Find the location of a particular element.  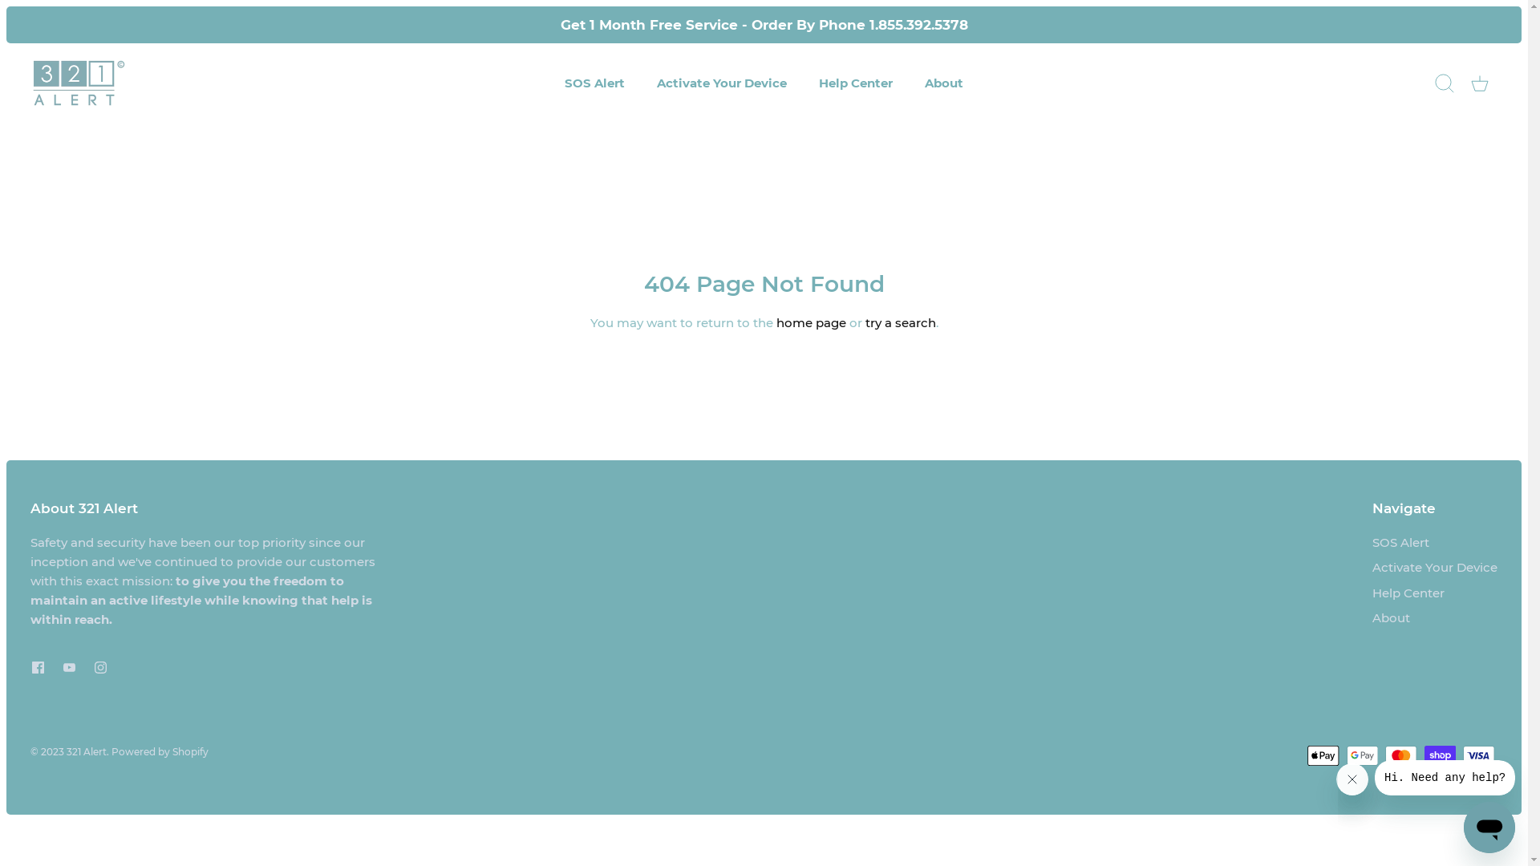

'Activate Your Device' is located at coordinates (642, 83).